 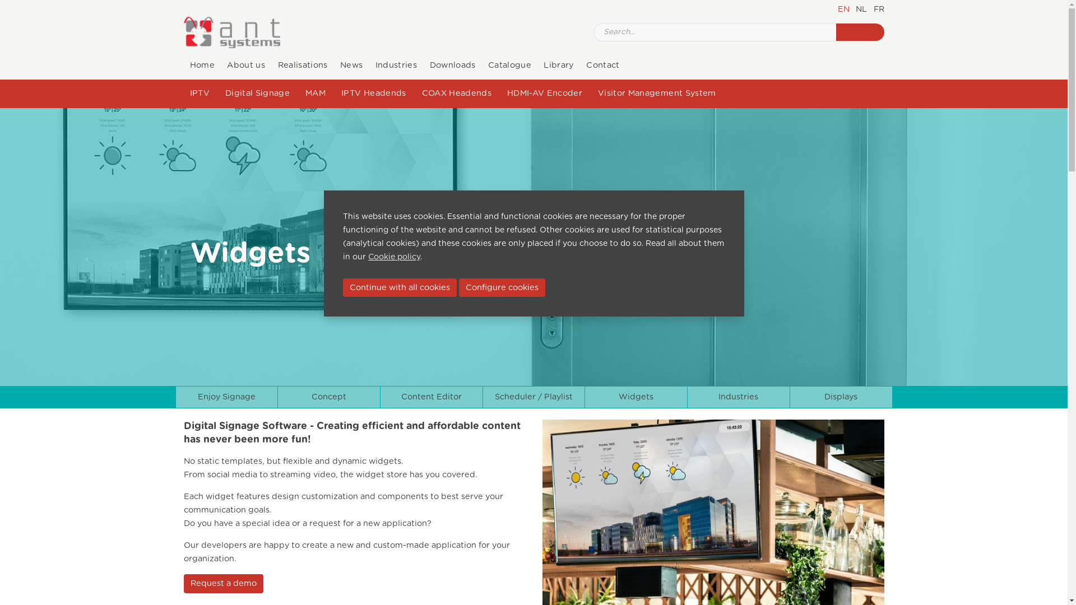 What do you see at coordinates (739, 397) in the screenshot?
I see `'Industries'` at bounding box center [739, 397].